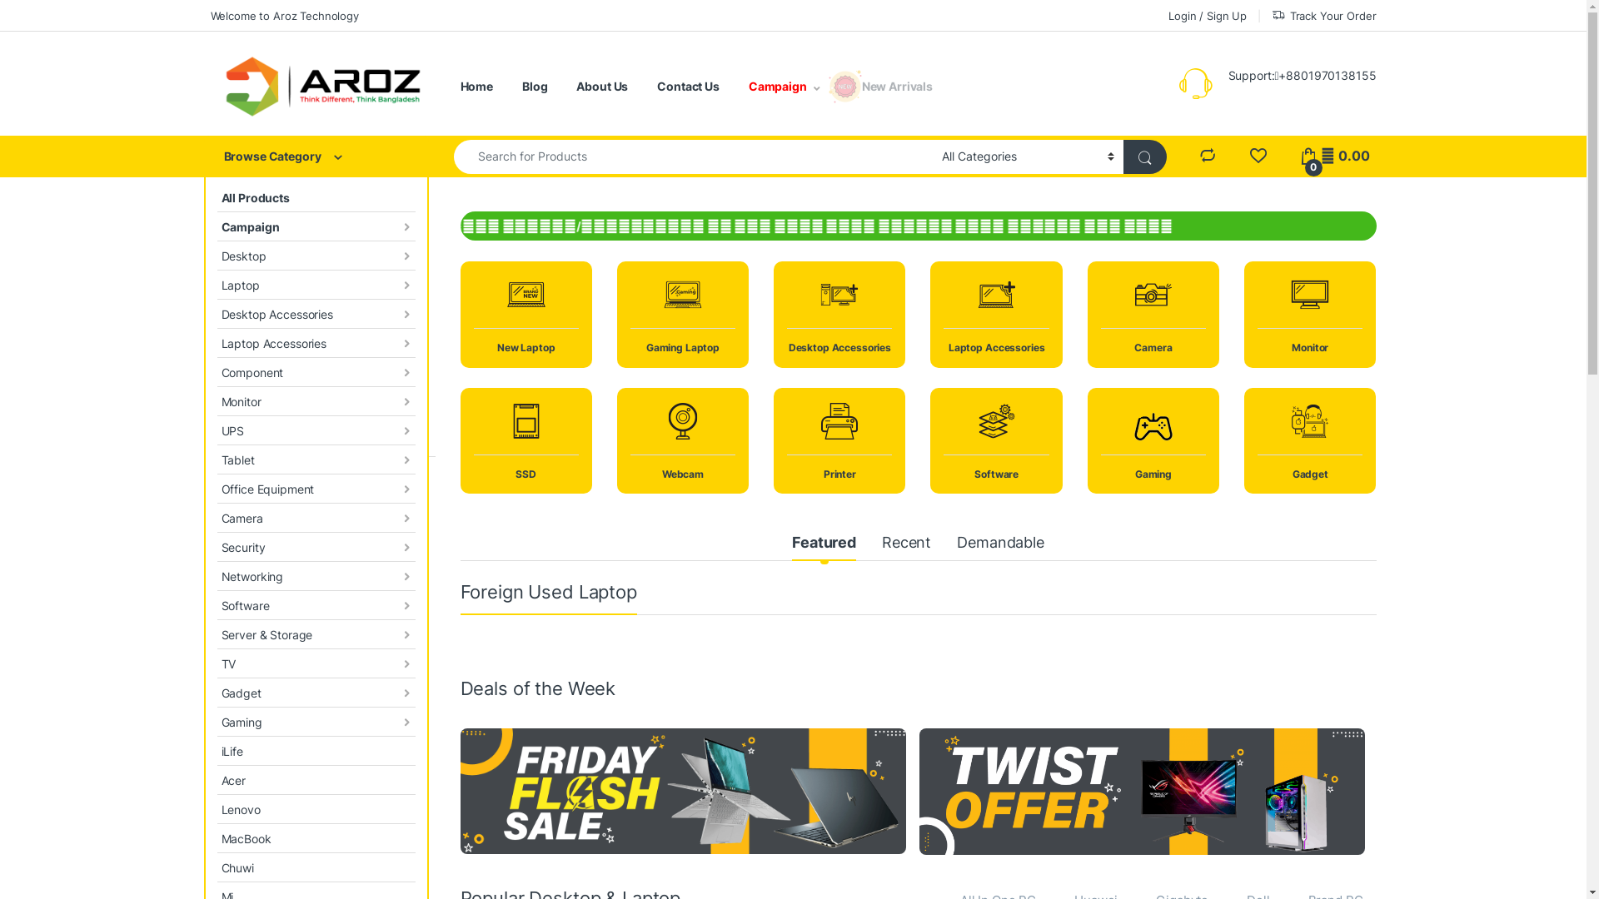  I want to click on 'Gadget', so click(215, 693).